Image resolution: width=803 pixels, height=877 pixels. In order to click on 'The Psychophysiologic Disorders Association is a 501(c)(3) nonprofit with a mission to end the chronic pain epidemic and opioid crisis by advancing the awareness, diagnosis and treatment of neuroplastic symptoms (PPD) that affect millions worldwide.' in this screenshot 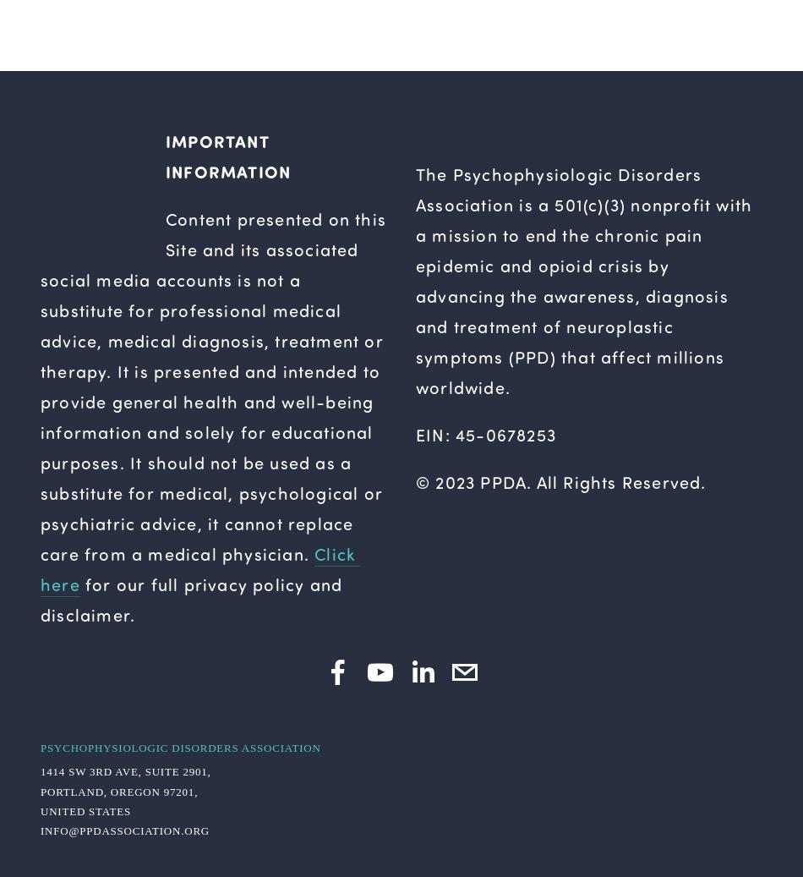, I will do `click(586, 279)`.